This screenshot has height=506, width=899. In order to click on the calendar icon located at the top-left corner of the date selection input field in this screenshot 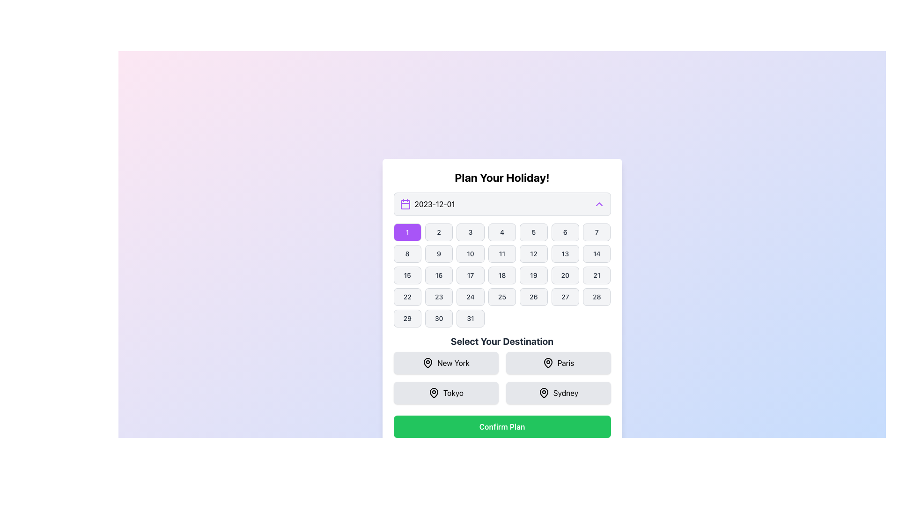, I will do `click(405, 204)`.